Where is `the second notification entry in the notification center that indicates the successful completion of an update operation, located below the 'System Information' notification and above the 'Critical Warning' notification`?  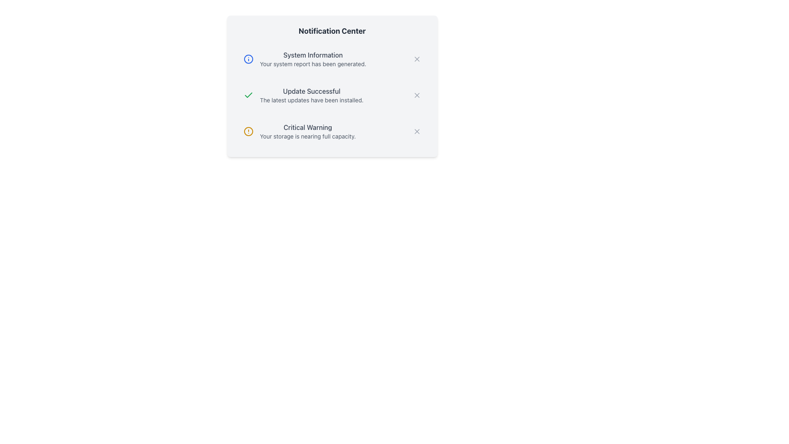
the second notification entry in the notification center that indicates the successful completion of an update operation, located below the 'System Information' notification and above the 'Critical Warning' notification is located at coordinates (311, 95).